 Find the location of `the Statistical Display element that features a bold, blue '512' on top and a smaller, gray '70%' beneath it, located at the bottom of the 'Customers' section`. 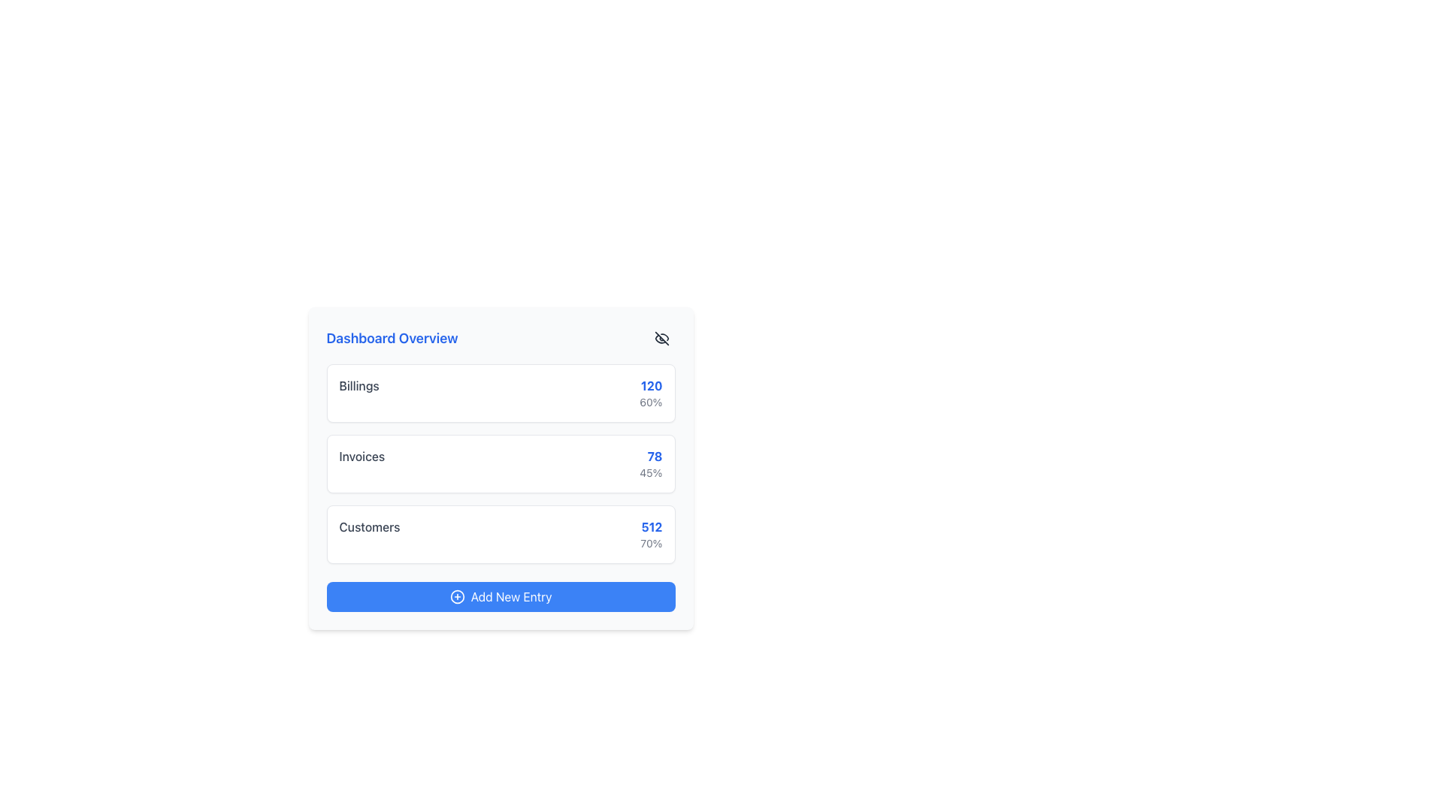

the Statistical Display element that features a bold, blue '512' on top and a smaller, gray '70%' beneath it, located at the bottom of the 'Customers' section is located at coordinates (651, 534).